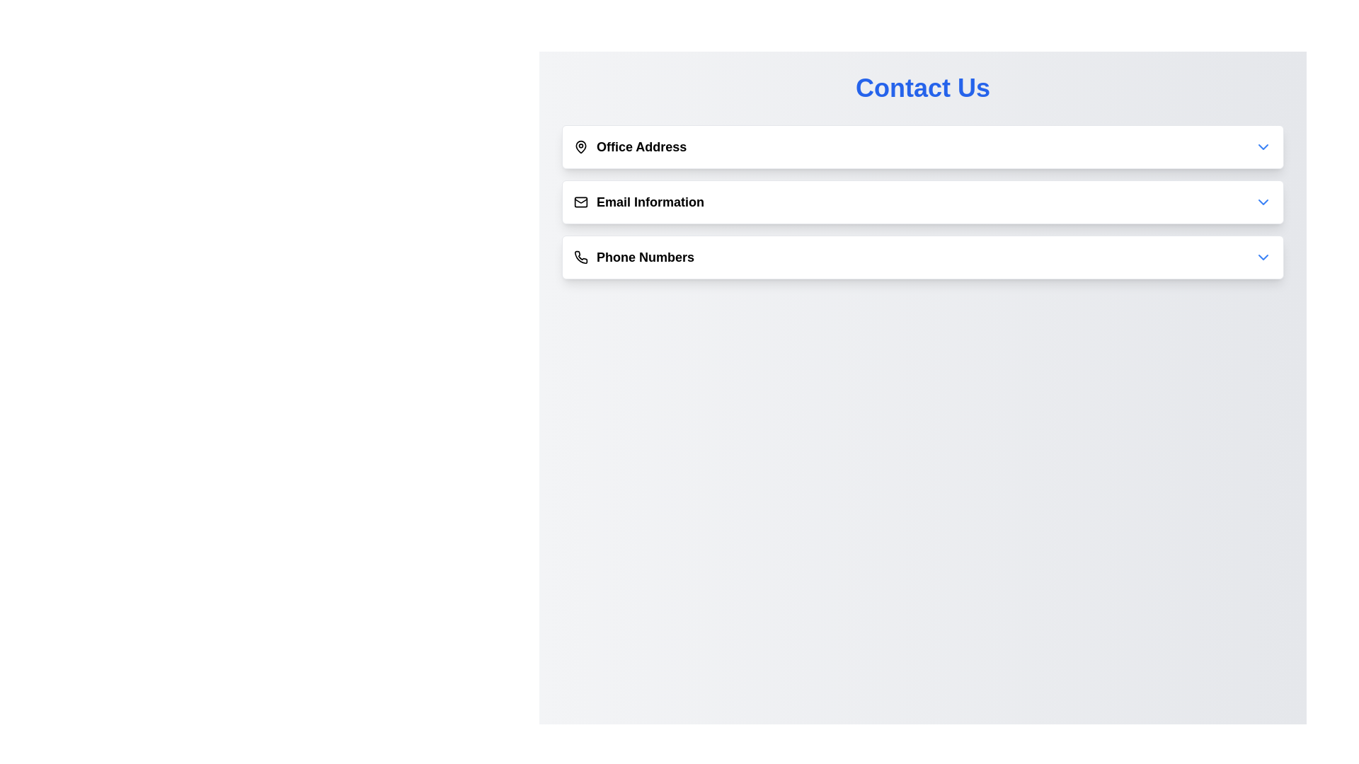 The height and width of the screenshot is (764, 1359). I want to click on text from the heading element indicating the section's purpose for contacting or communication details, which is located at the top of the vertical layout, so click(923, 88).